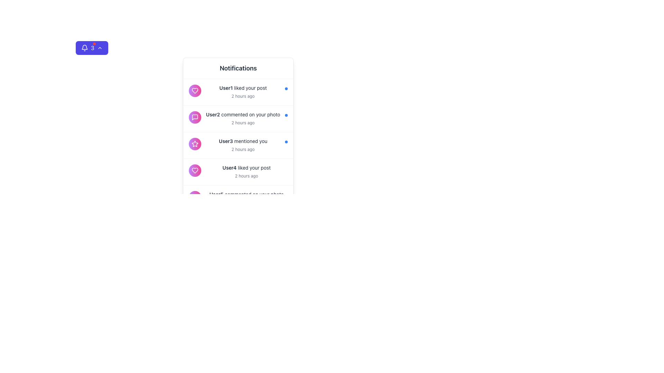 The height and width of the screenshot is (373, 664). Describe the element at coordinates (195, 143) in the screenshot. I see `the Decorative icon, which is a circular icon with a gradient color pattern from purple to pink and a white star in the center, located to the left of the notification text 'User3 mentioned you 2 hours ago'` at that location.